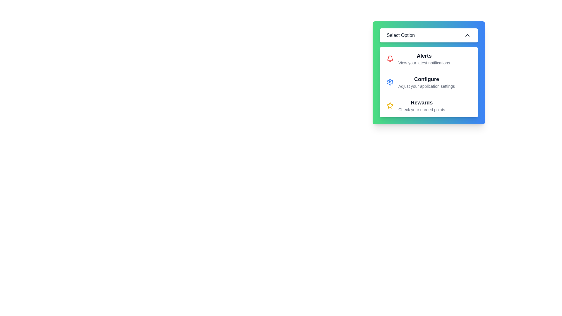  I want to click on the text label displaying 'Check your earned points', which is located beneath the 'Rewards' heading in a vertical menu structure, so click(421, 109).